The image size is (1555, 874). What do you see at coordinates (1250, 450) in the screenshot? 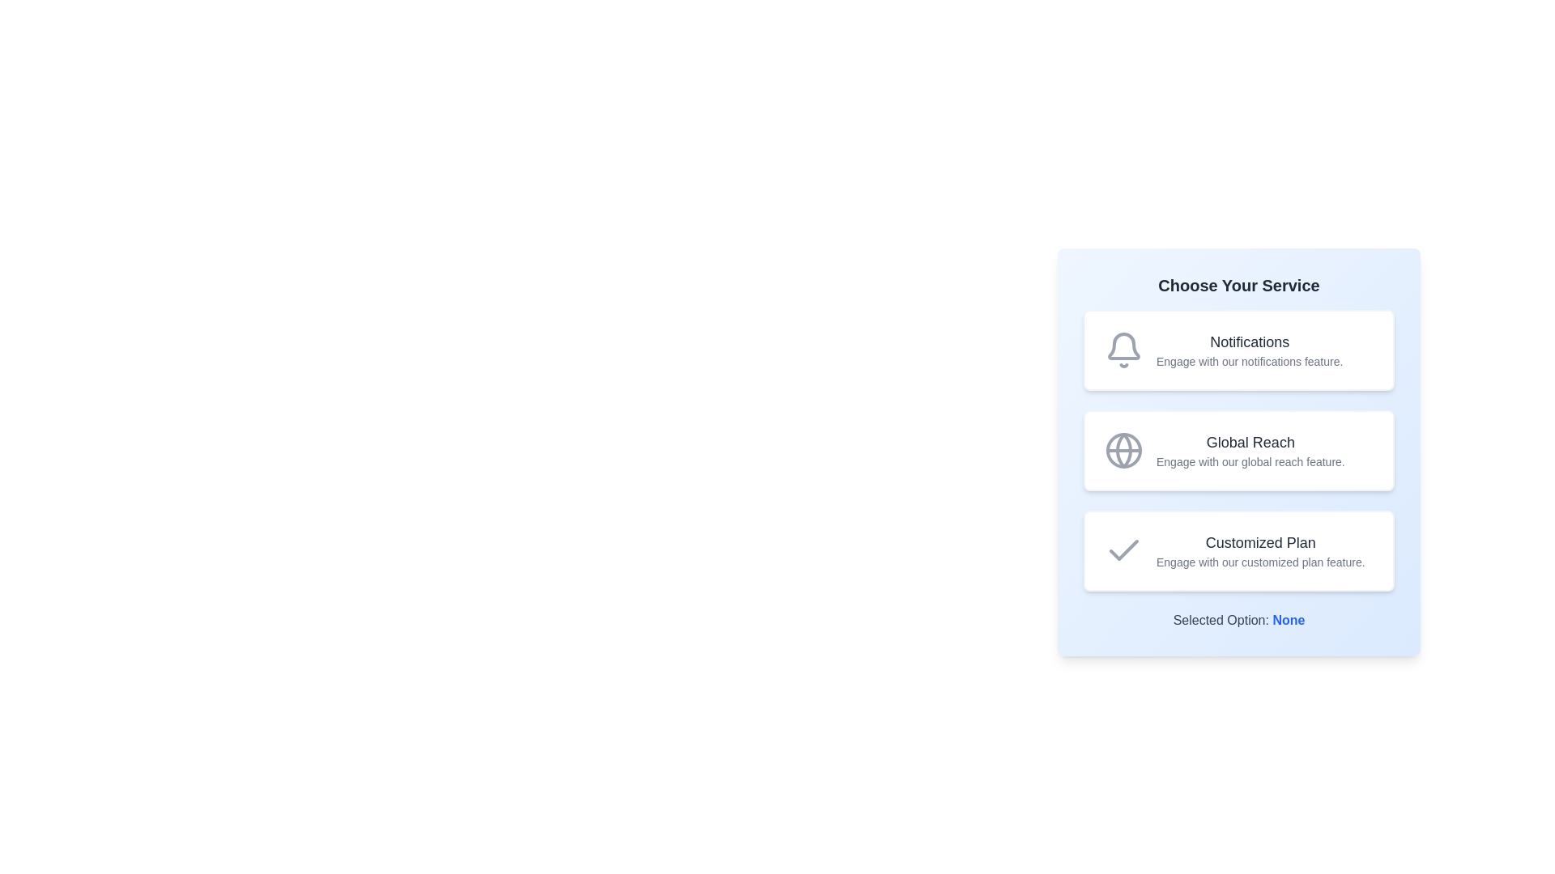
I see `descriptive text block about the 'Global Reach' feature located in the center of the second card in the vertical list of options, positioned between the 'Notifications' and 'Customized Plan' cards` at bounding box center [1250, 450].